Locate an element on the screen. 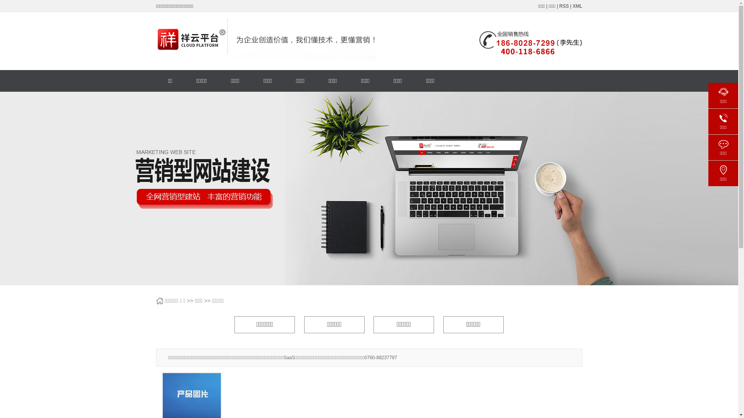 The width and height of the screenshot is (744, 418). 'RSS' is located at coordinates (564, 6).